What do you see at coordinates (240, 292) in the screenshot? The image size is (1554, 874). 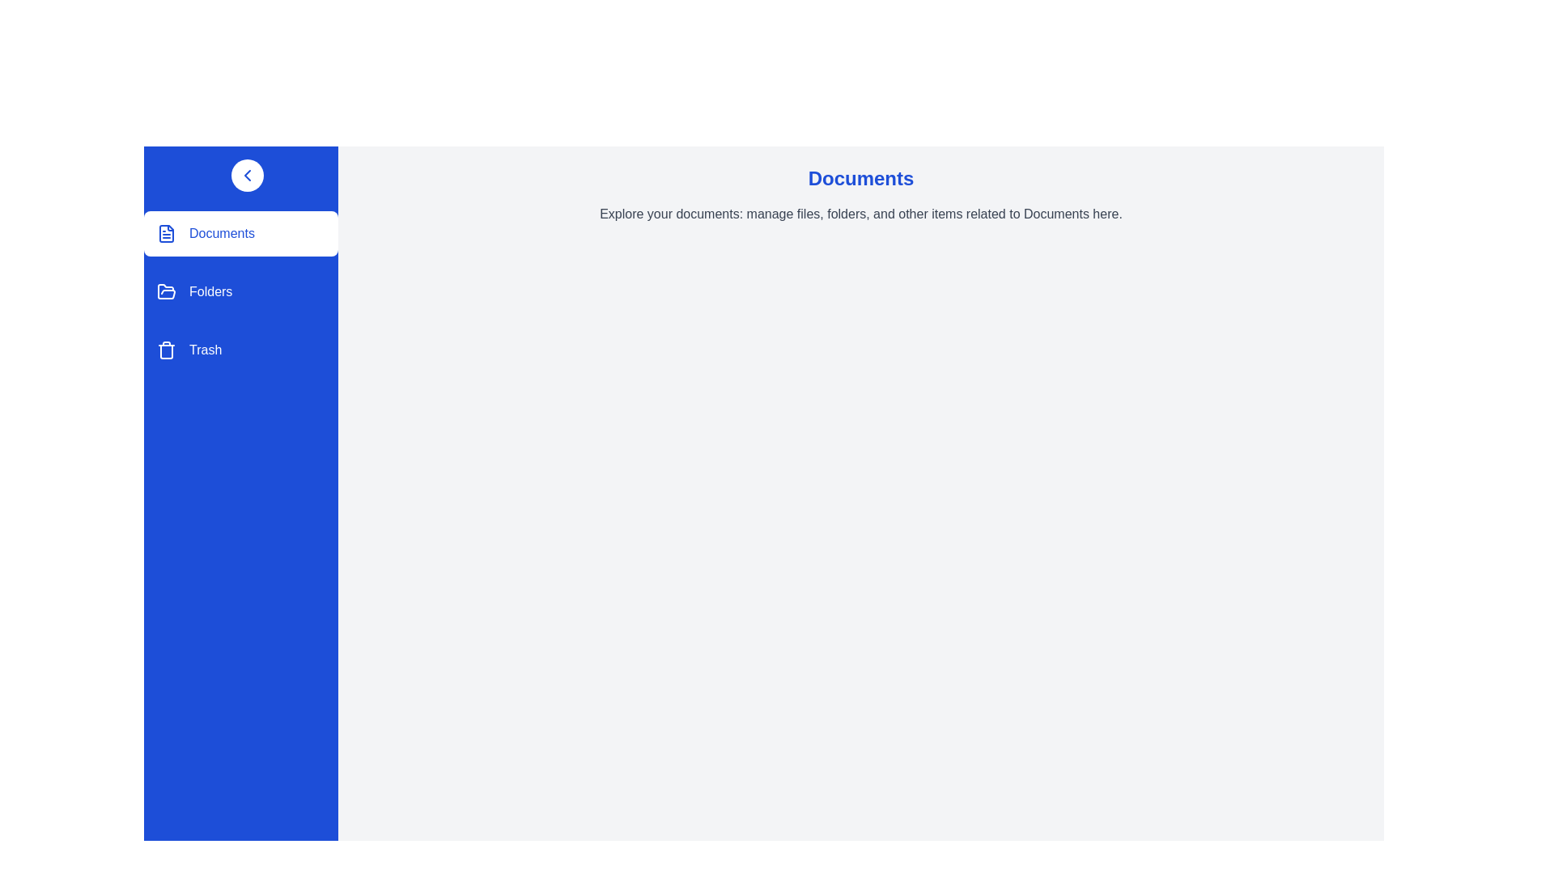 I see `the Folders section from the menu` at bounding box center [240, 292].